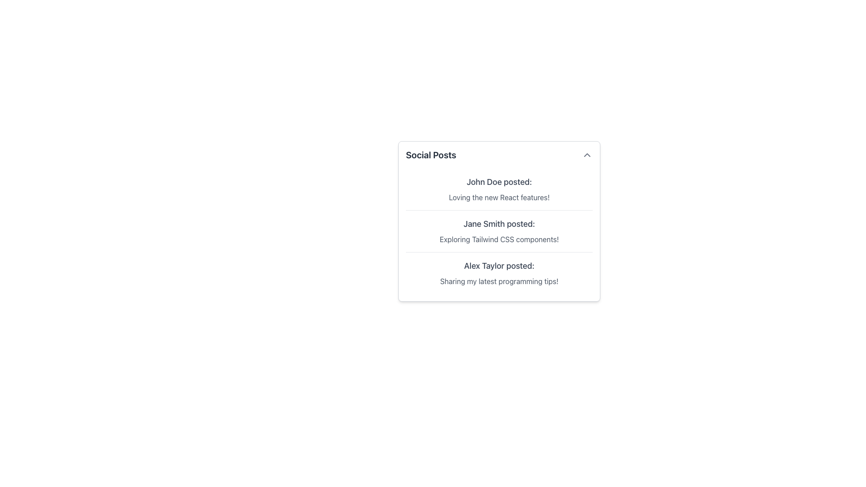 This screenshot has height=487, width=866. What do you see at coordinates (499, 266) in the screenshot?
I see `the Text Label indicating the author 'Alex Taylor' and the context 'posted', which is located at the center-bottom section of the feed` at bounding box center [499, 266].